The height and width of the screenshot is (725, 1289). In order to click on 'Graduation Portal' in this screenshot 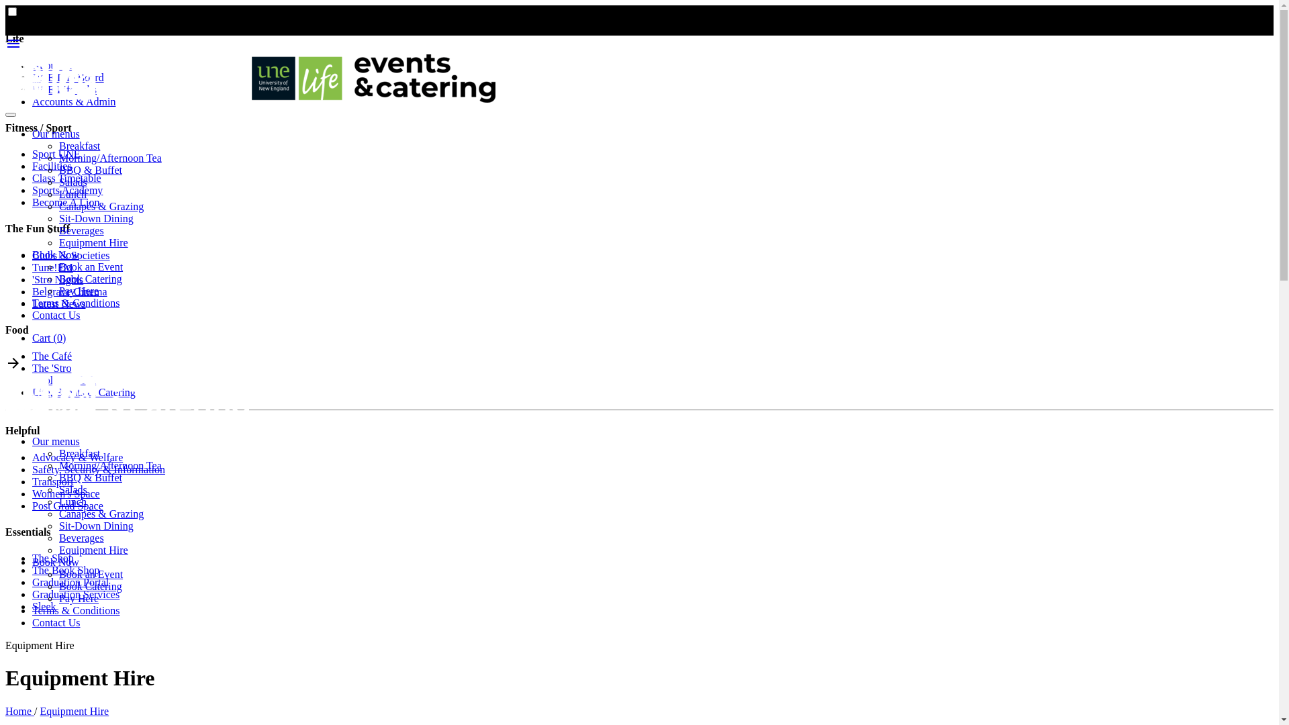, I will do `click(70, 581)`.